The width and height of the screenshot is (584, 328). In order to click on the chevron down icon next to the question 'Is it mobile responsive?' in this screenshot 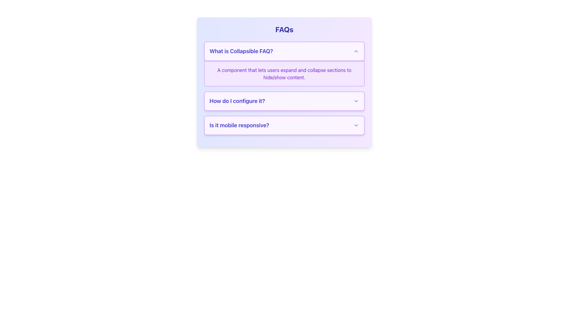, I will do `click(356, 125)`.